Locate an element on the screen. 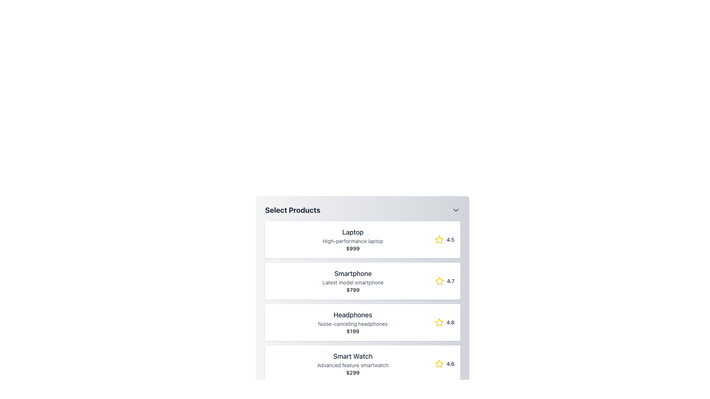 The image size is (710, 399). the 'Smartphone' Text Display element in the product list is located at coordinates (352, 281).